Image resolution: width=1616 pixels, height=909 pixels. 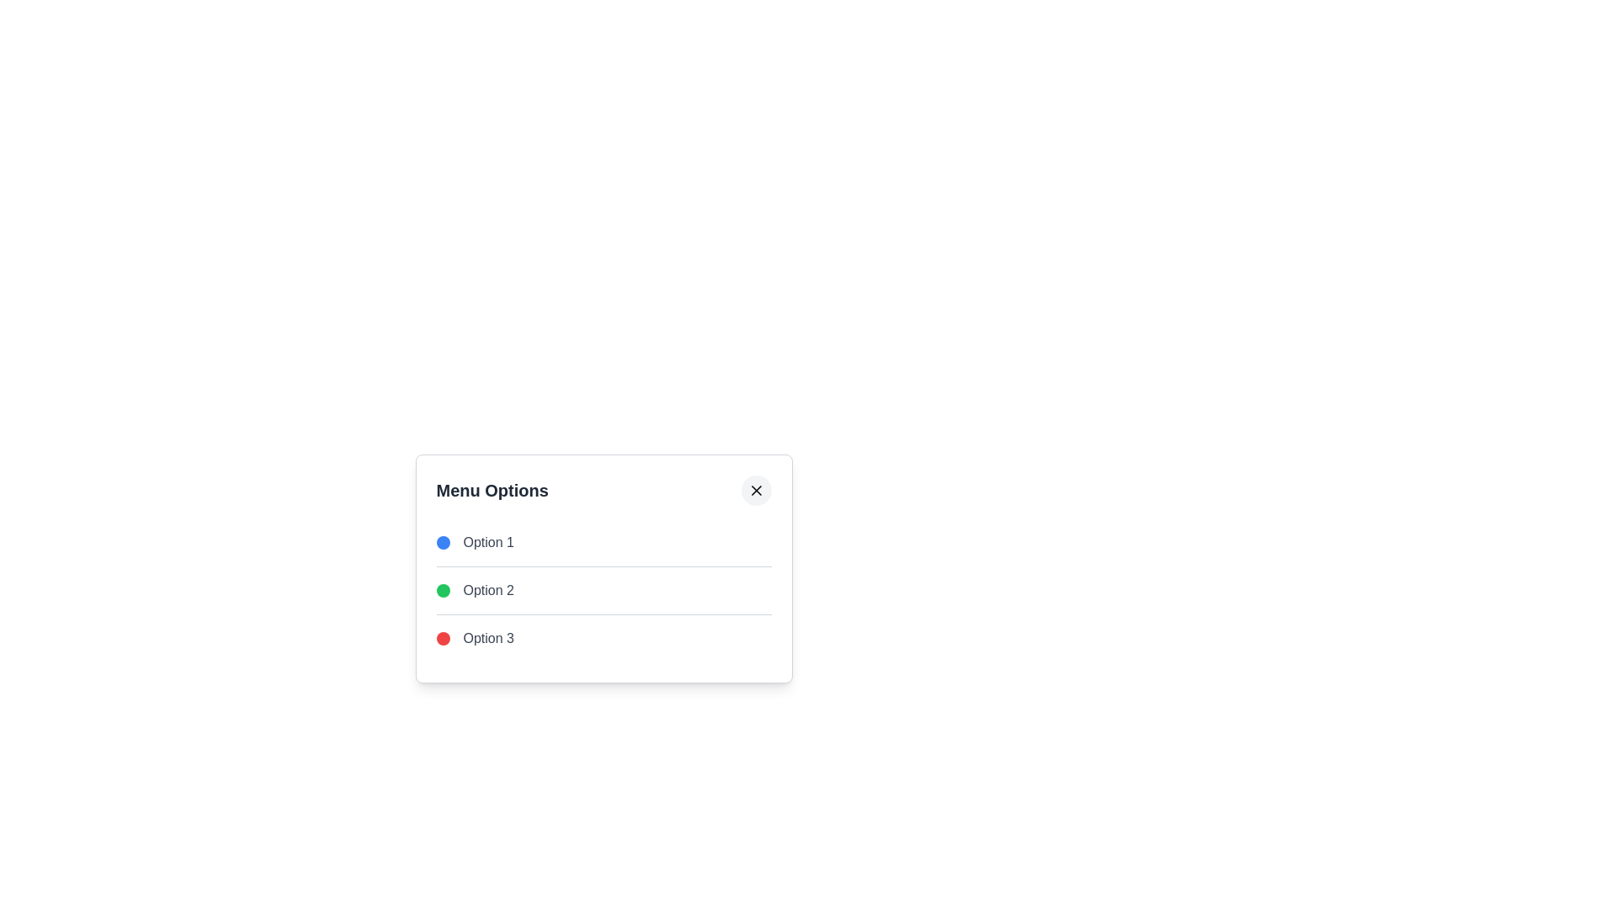 I want to click on the text label displaying 'Option 2', so click(x=487, y=590).